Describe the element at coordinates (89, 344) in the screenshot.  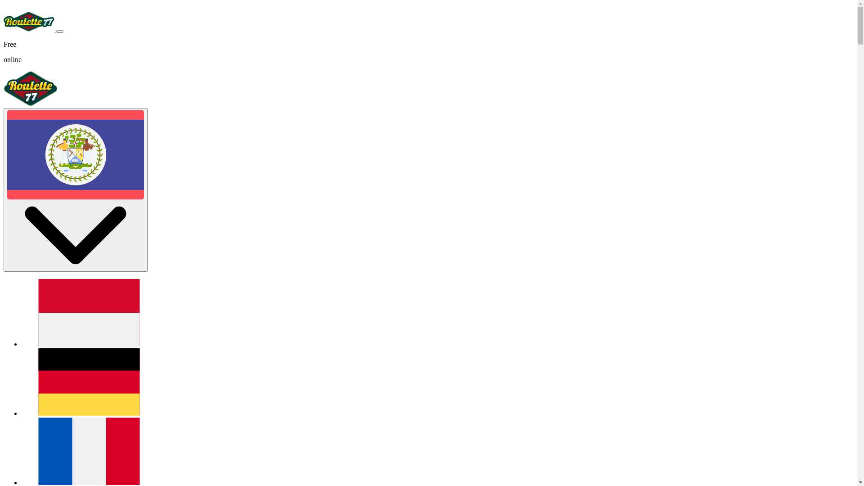
I see `'Roulette77 Indonesia / Bahasa Indonesia'` at that location.